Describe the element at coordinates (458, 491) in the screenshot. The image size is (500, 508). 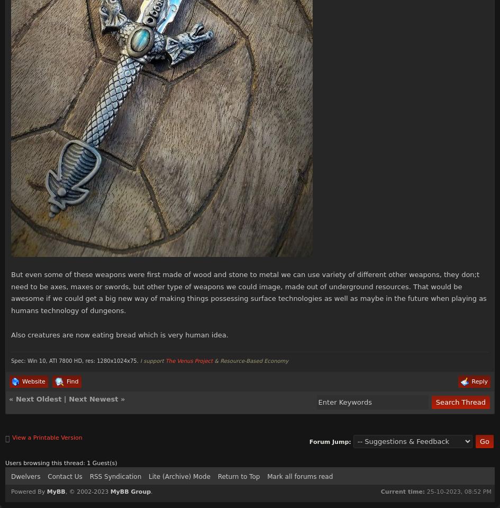
I see `'25-10-2023, 08:52 PM'` at that location.